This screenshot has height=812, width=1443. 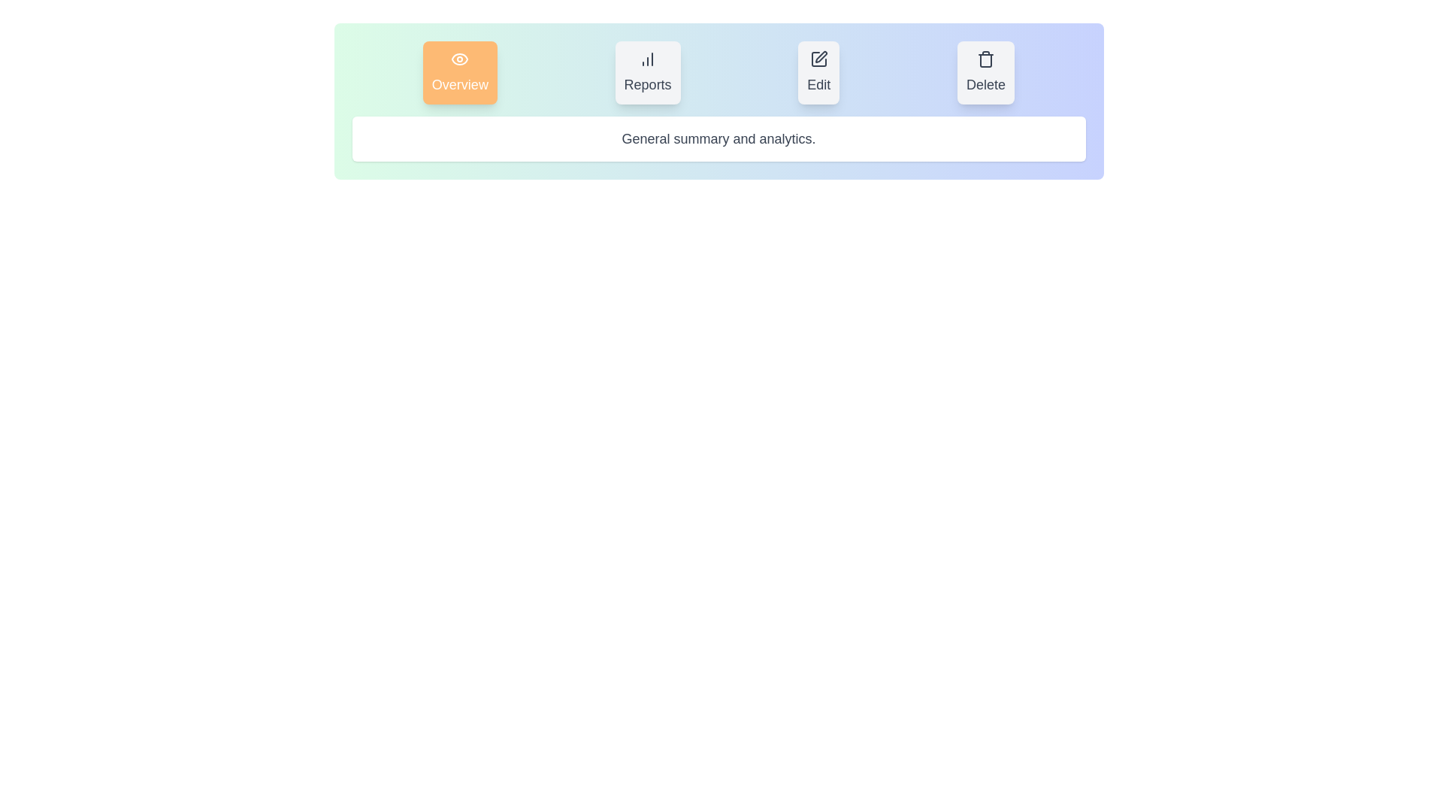 I want to click on the Reports tab to view its content, so click(x=648, y=72).